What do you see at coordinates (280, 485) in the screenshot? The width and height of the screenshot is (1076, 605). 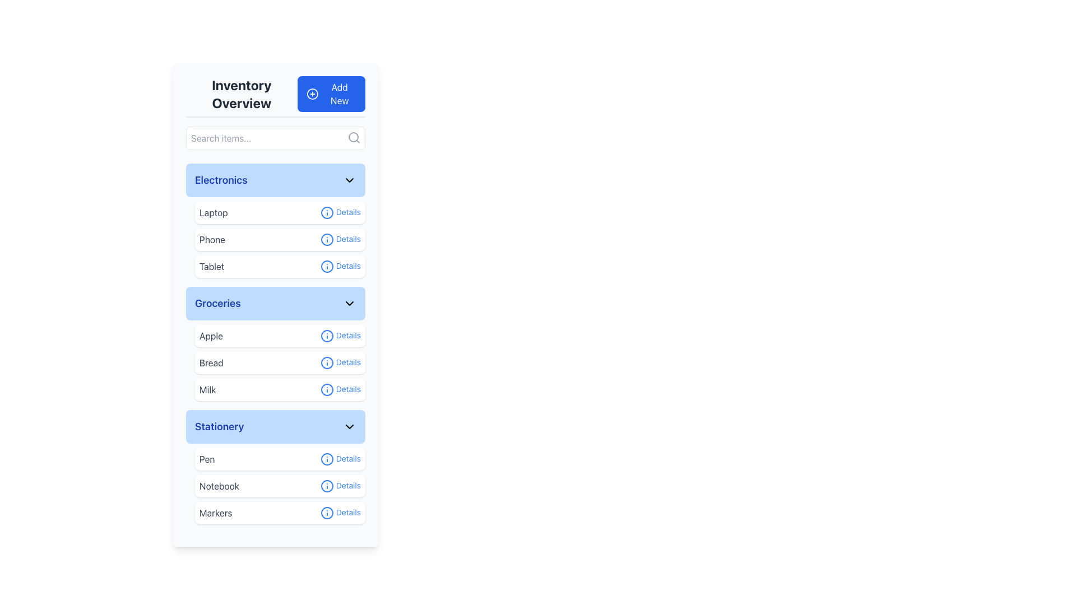 I see `the second item in the 'Stationery' section, which is a clickable list item labeled 'Notebook' with a 'Details' link on the right` at bounding box center [280, 485].